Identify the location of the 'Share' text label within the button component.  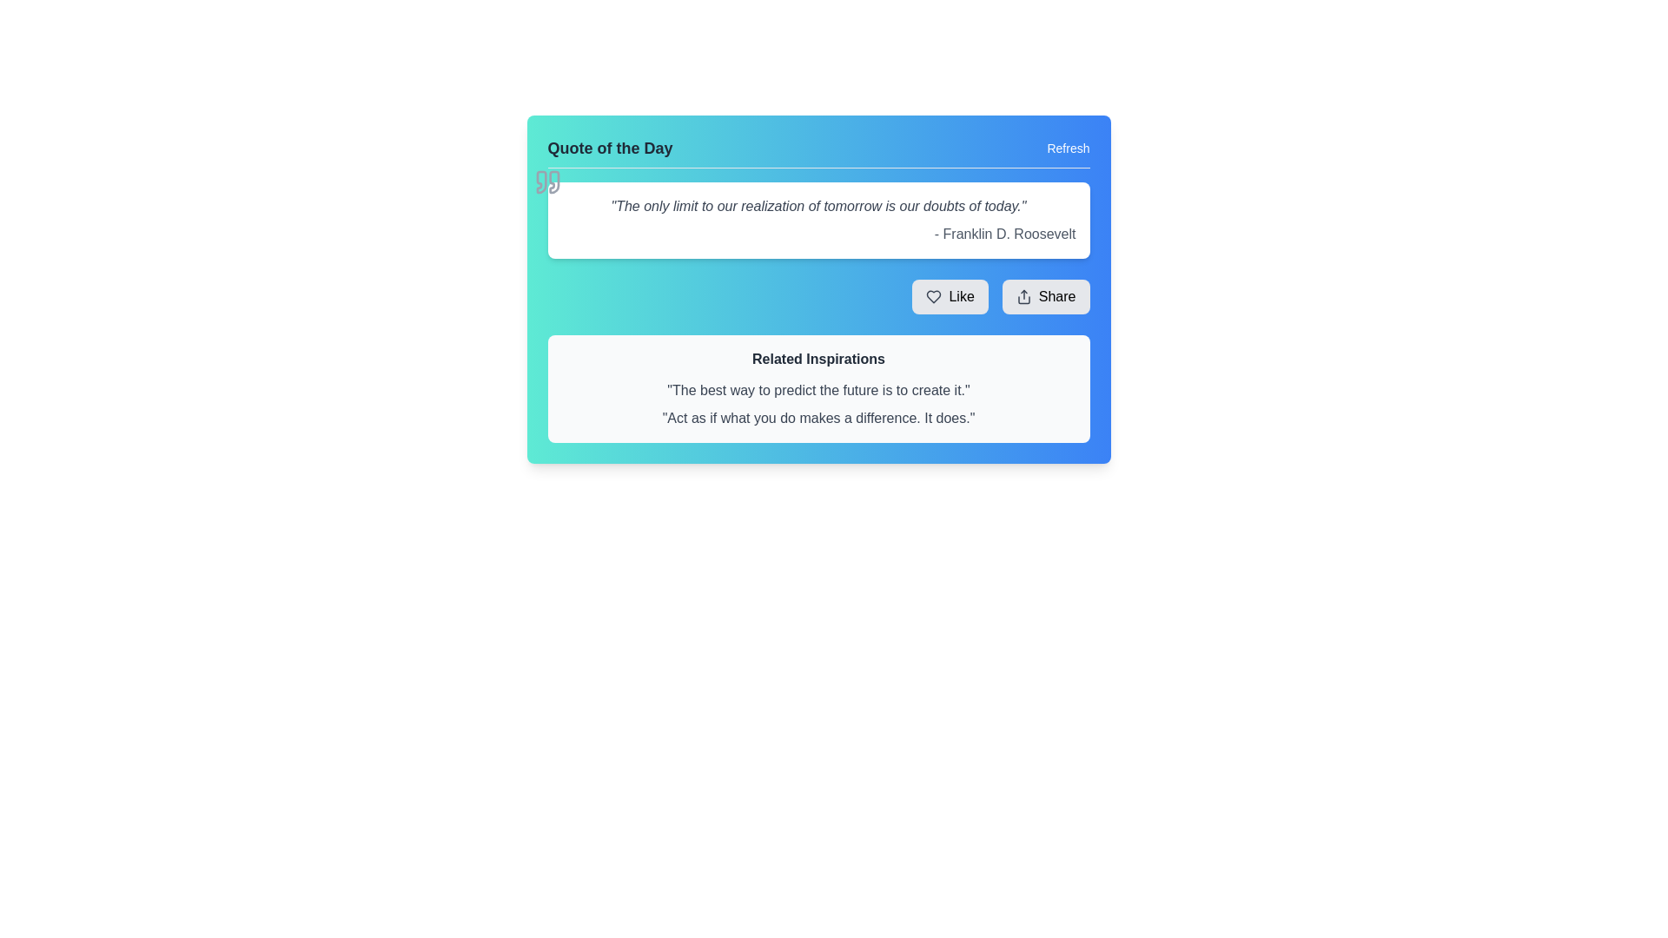
(1056, 296).